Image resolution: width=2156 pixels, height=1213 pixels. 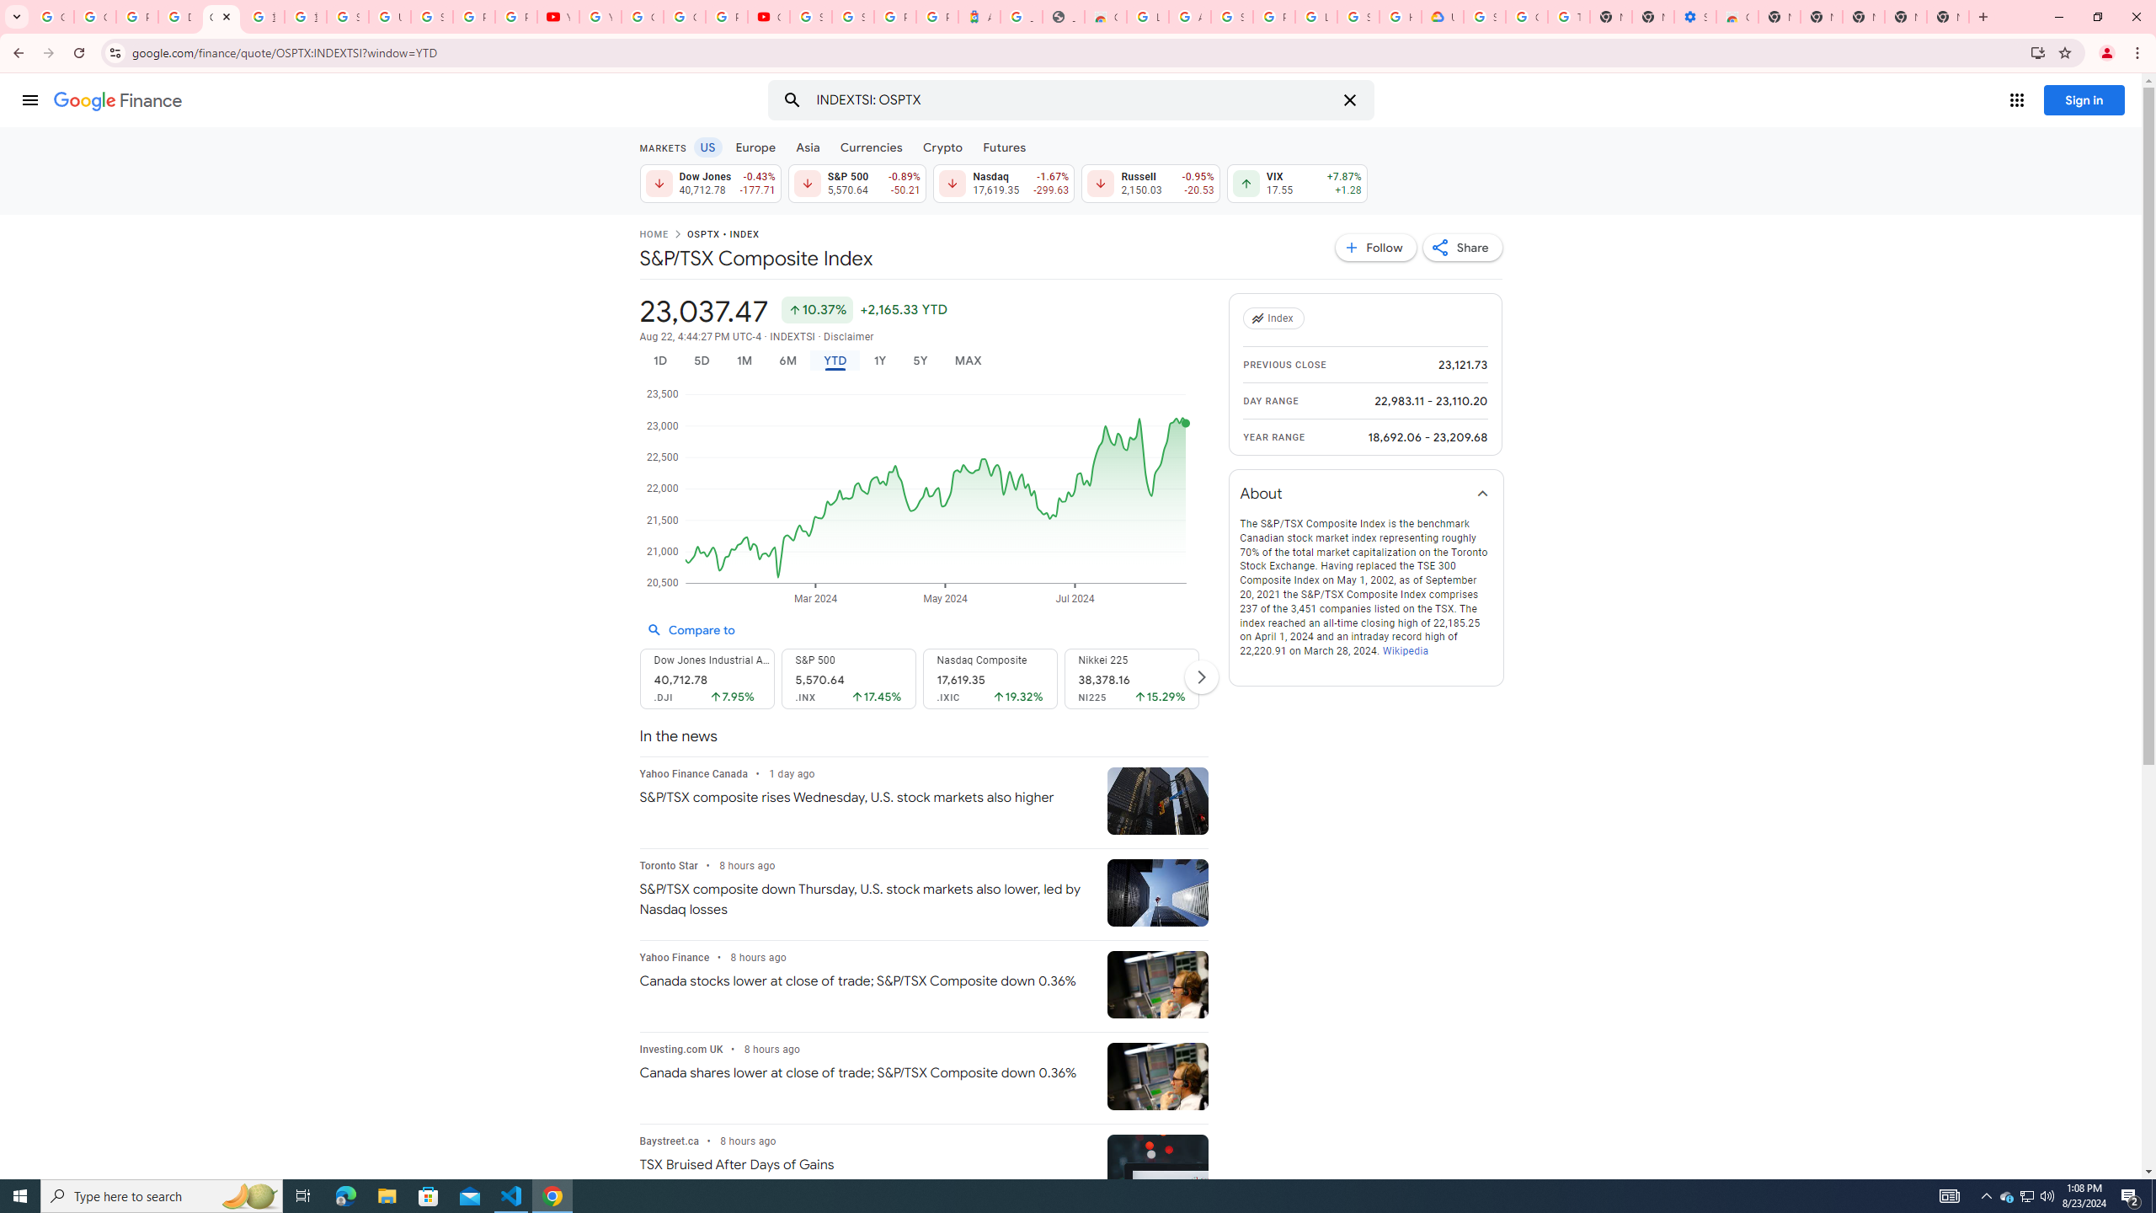 What do you see at coordinates (701, 361) in the screenshot?
I see `'5D'` at bounding box center [701, 361].